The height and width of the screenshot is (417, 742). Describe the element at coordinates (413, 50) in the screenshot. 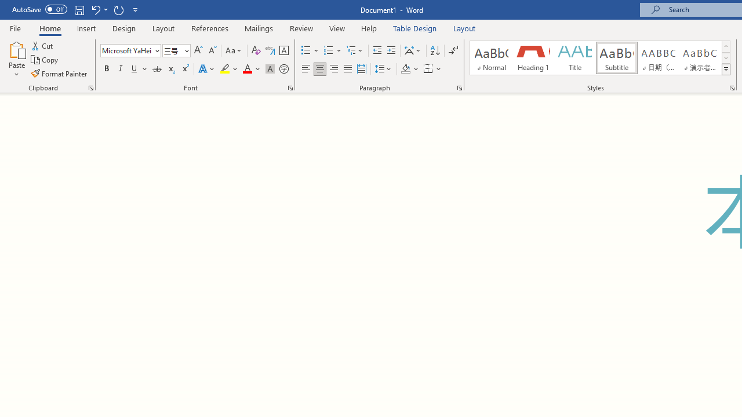

I see `'Asian Layout'` at that location.